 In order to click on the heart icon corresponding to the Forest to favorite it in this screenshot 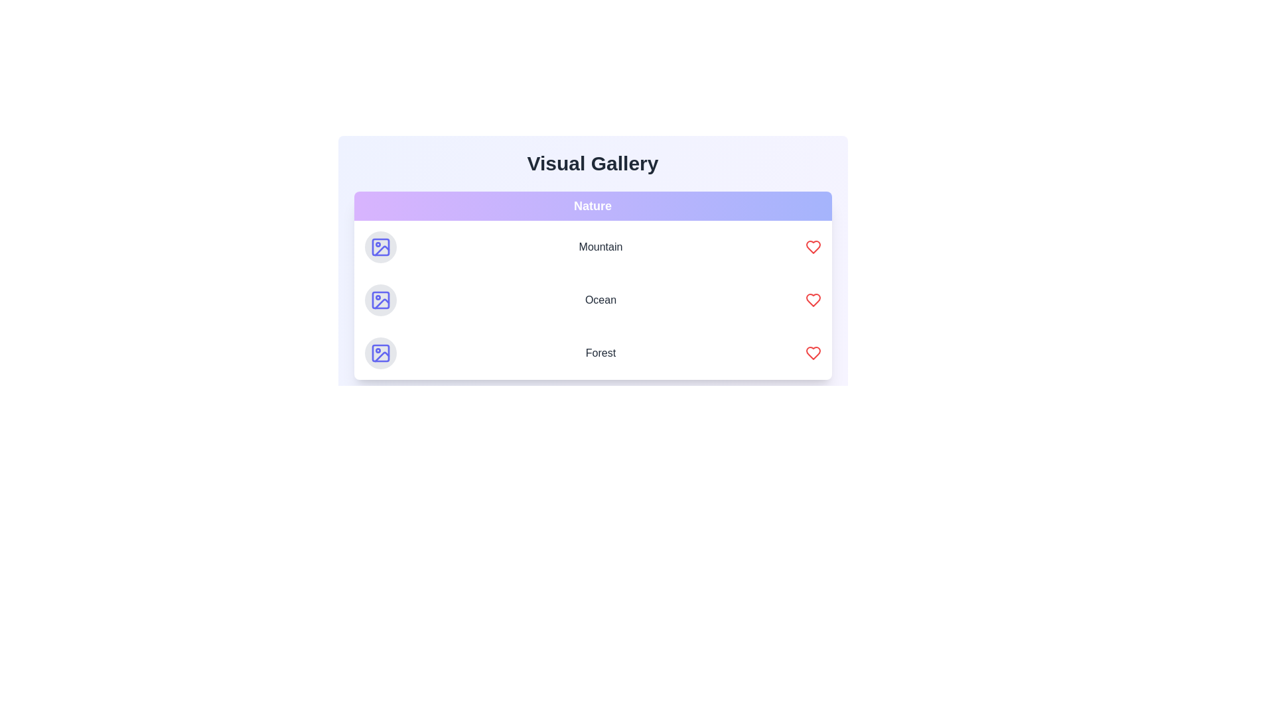, I will do `click(812, 352)`.